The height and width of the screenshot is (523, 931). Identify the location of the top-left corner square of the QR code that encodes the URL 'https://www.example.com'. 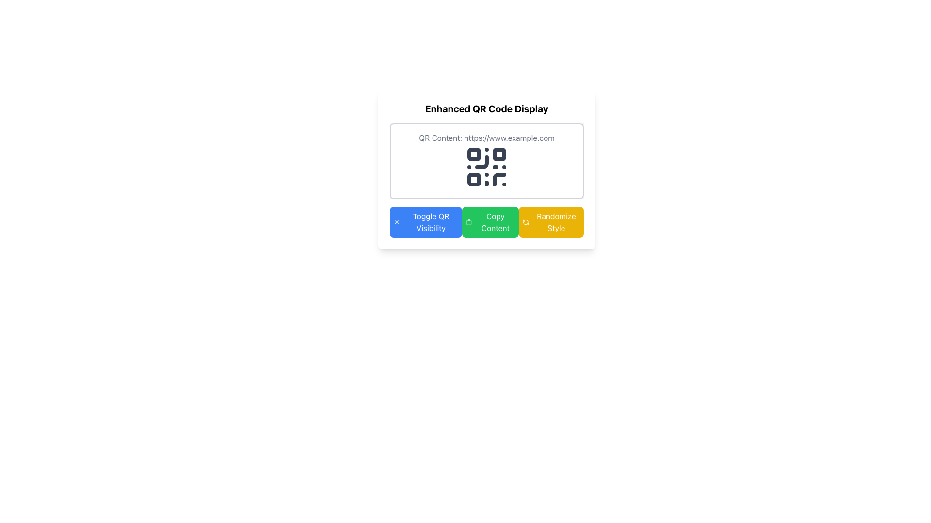
(474, 154).